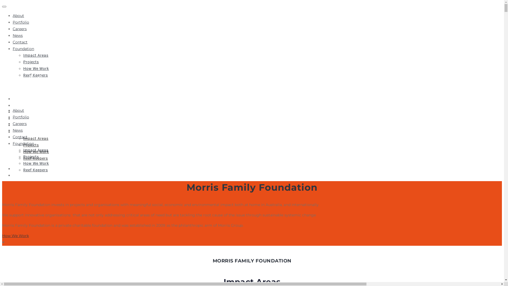 This screenshot has height=286, width=508. Describe the element at coordinates (18, 130) in the screenshot. I see `'News'` at that location.